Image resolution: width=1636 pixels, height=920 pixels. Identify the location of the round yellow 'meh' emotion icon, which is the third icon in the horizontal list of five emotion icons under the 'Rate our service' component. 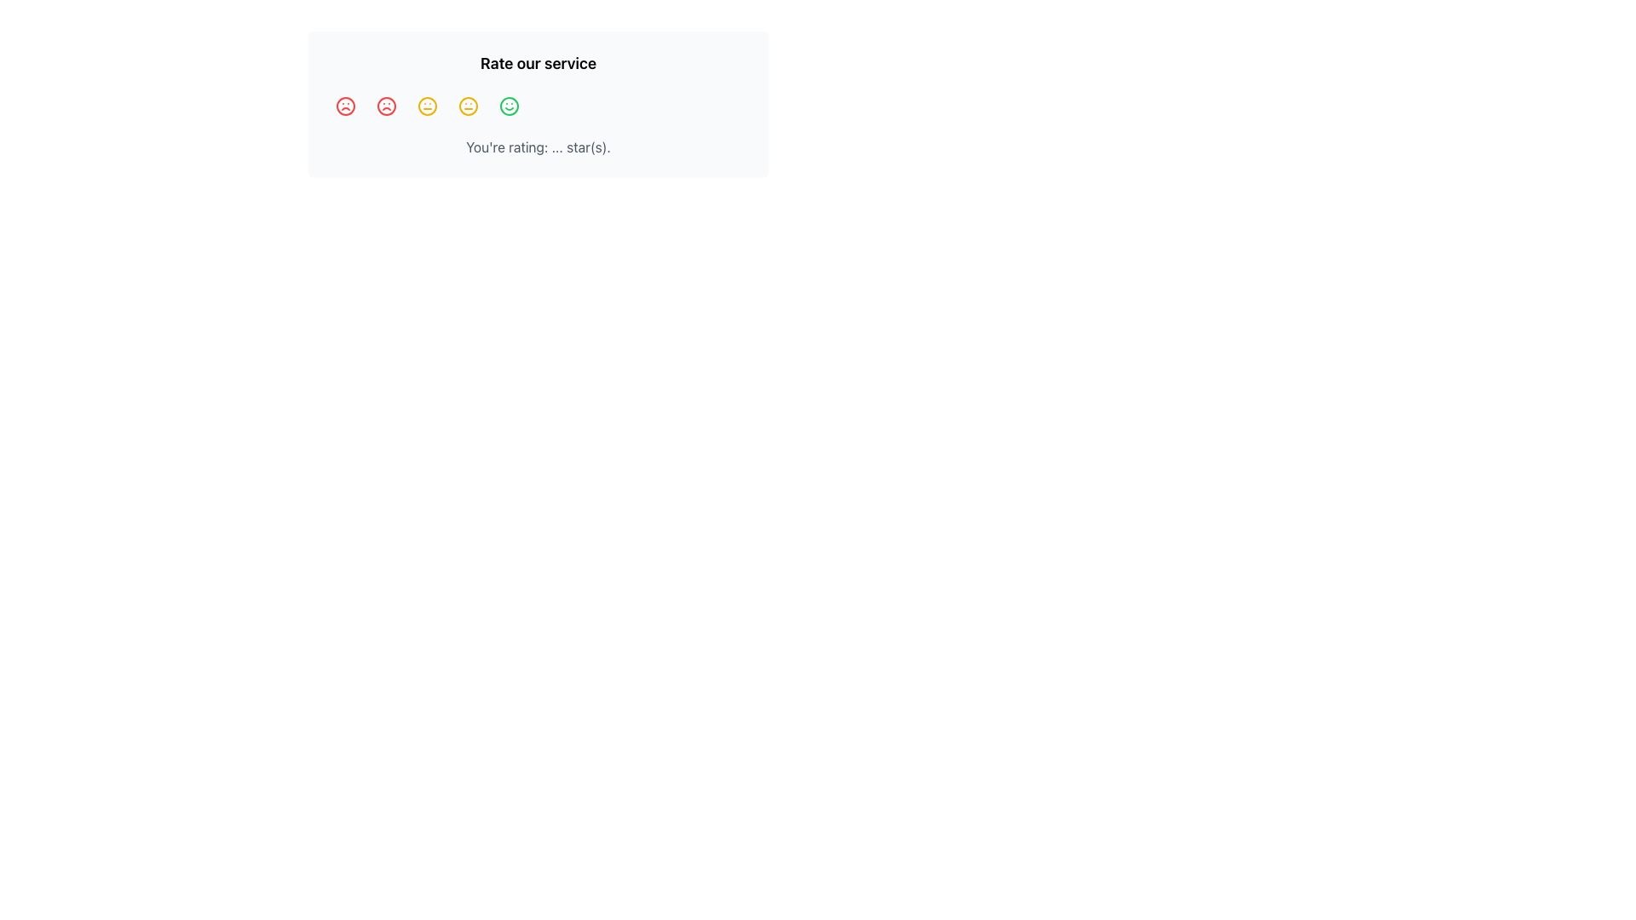
(428, 106).